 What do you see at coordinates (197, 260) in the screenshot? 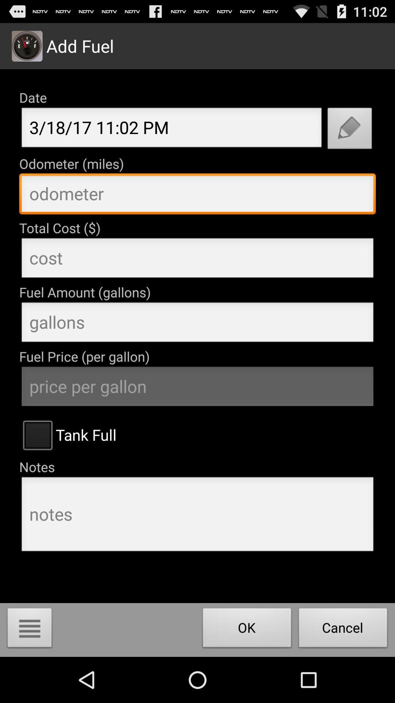
I see `total cost in dollars` at bounding box center [197, 260].